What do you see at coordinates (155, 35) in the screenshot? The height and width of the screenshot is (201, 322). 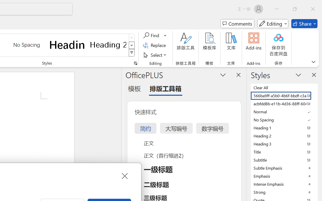 I see `'Find'` at bounding box center [155, 35].